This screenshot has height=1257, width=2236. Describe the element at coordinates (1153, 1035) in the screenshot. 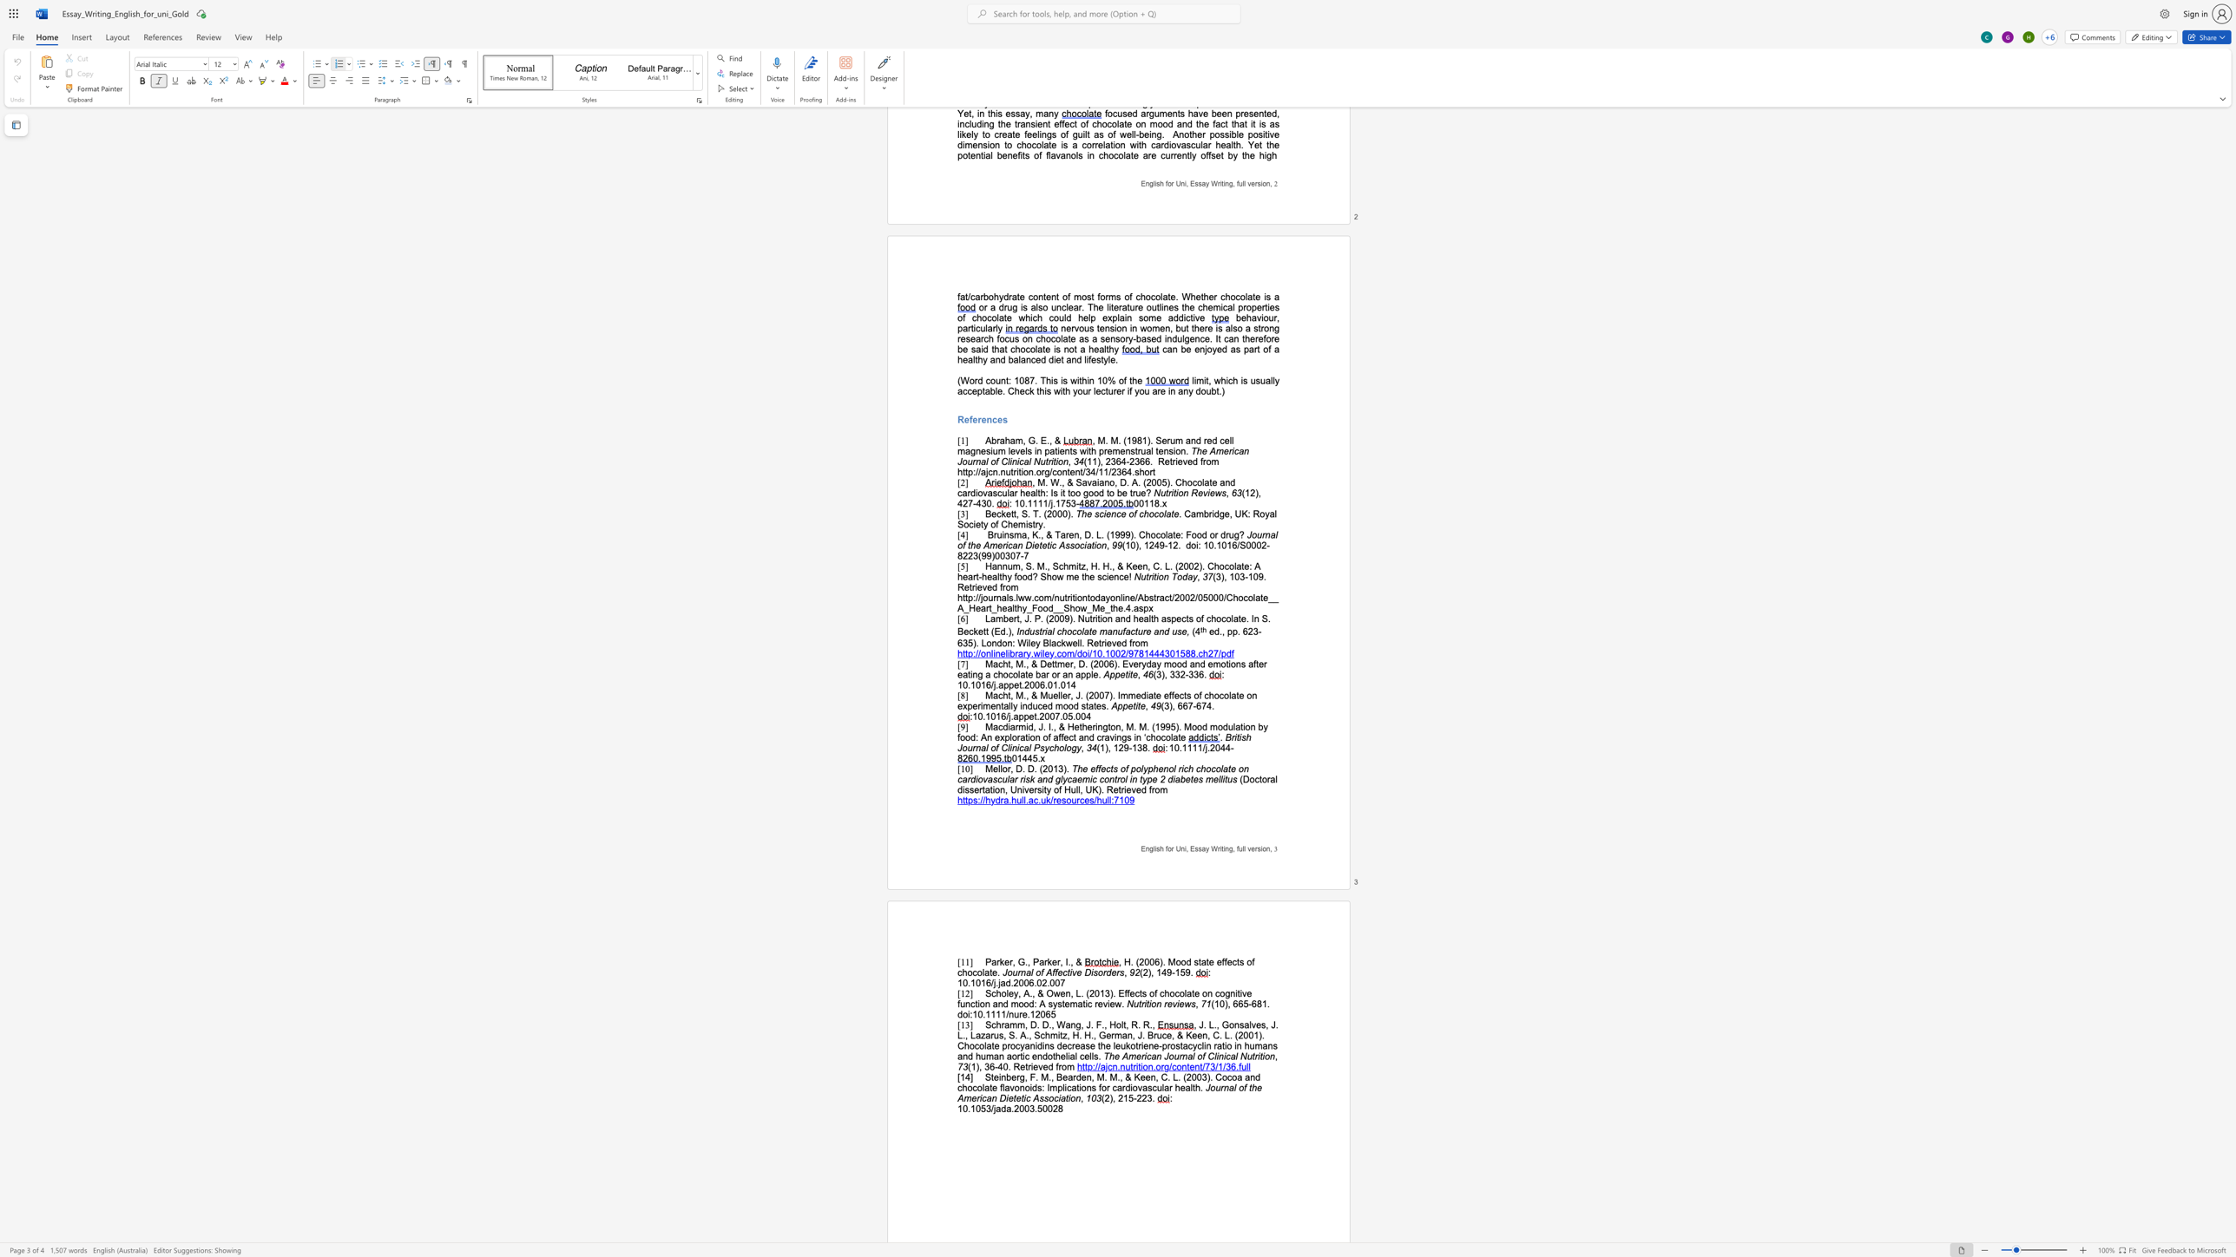

I see `the space between the continuous character "B" and "r" in the text` at that location.